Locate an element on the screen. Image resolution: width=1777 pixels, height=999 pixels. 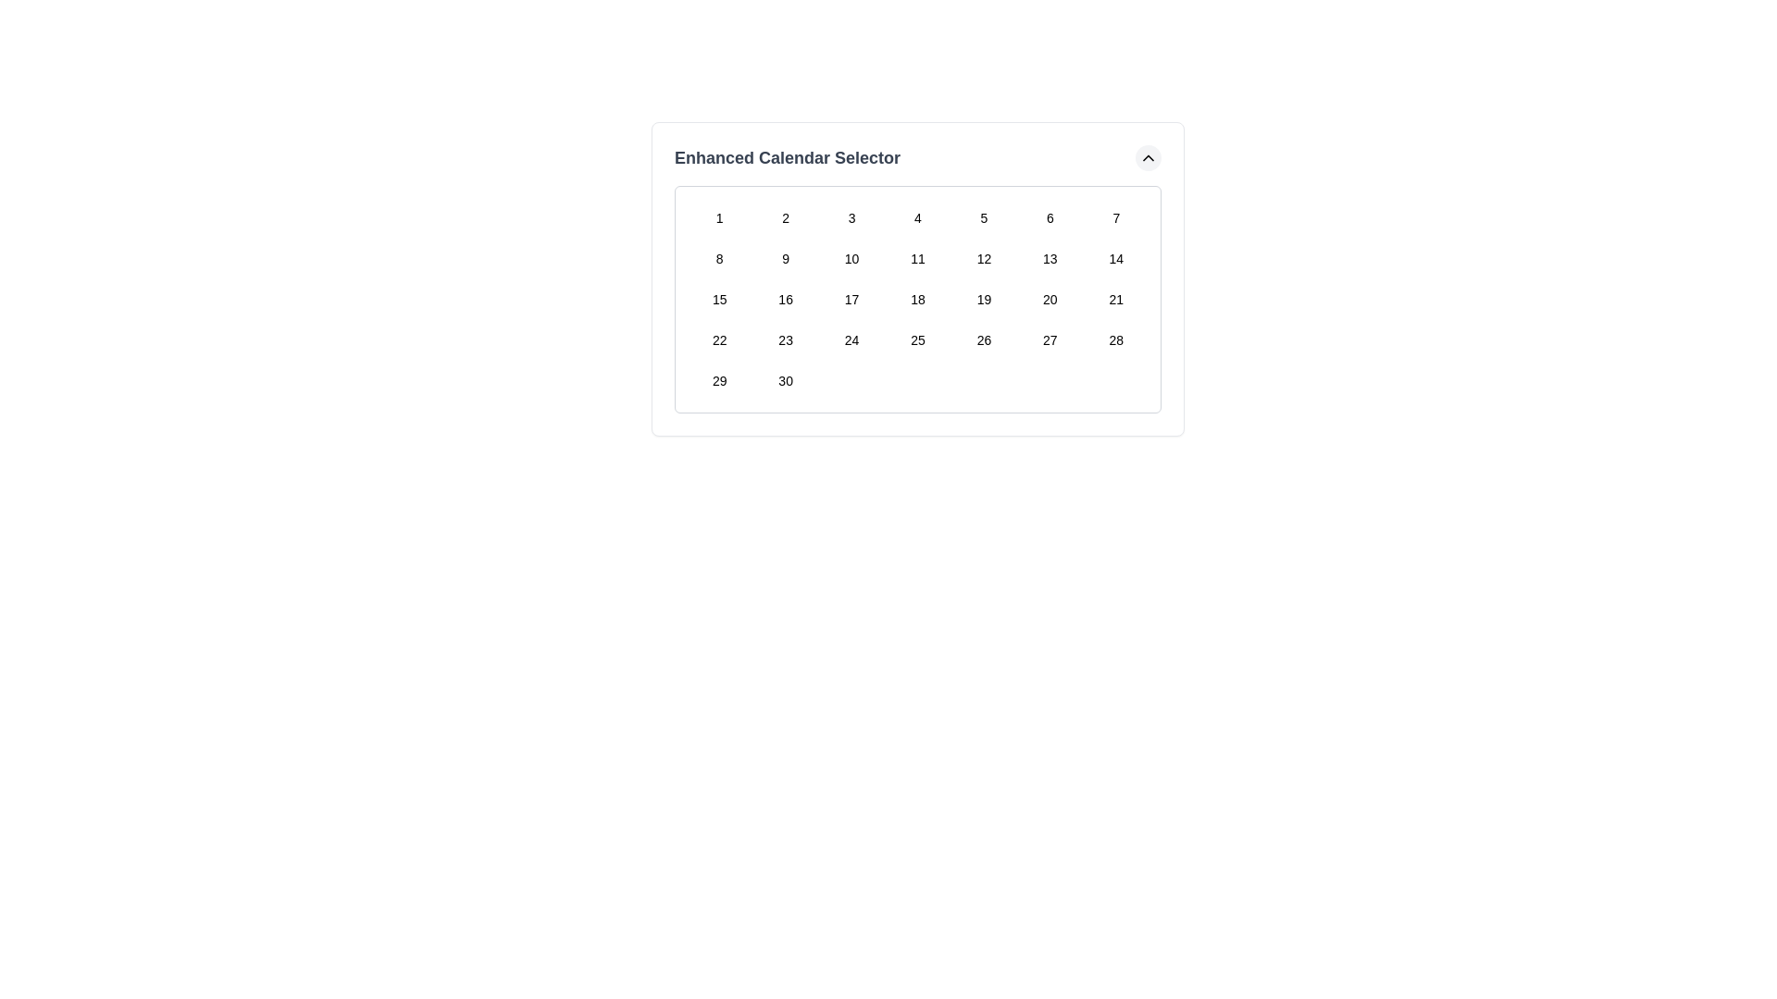
the calendar day button representing the date '20', located in the 6th column of the 3rd row of the calendar grid is located at coordinates (1050, 299).